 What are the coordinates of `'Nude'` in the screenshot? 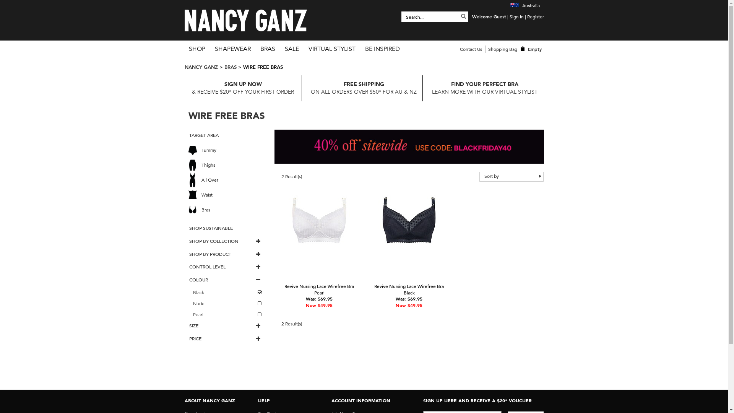 It's located at (227, 303).